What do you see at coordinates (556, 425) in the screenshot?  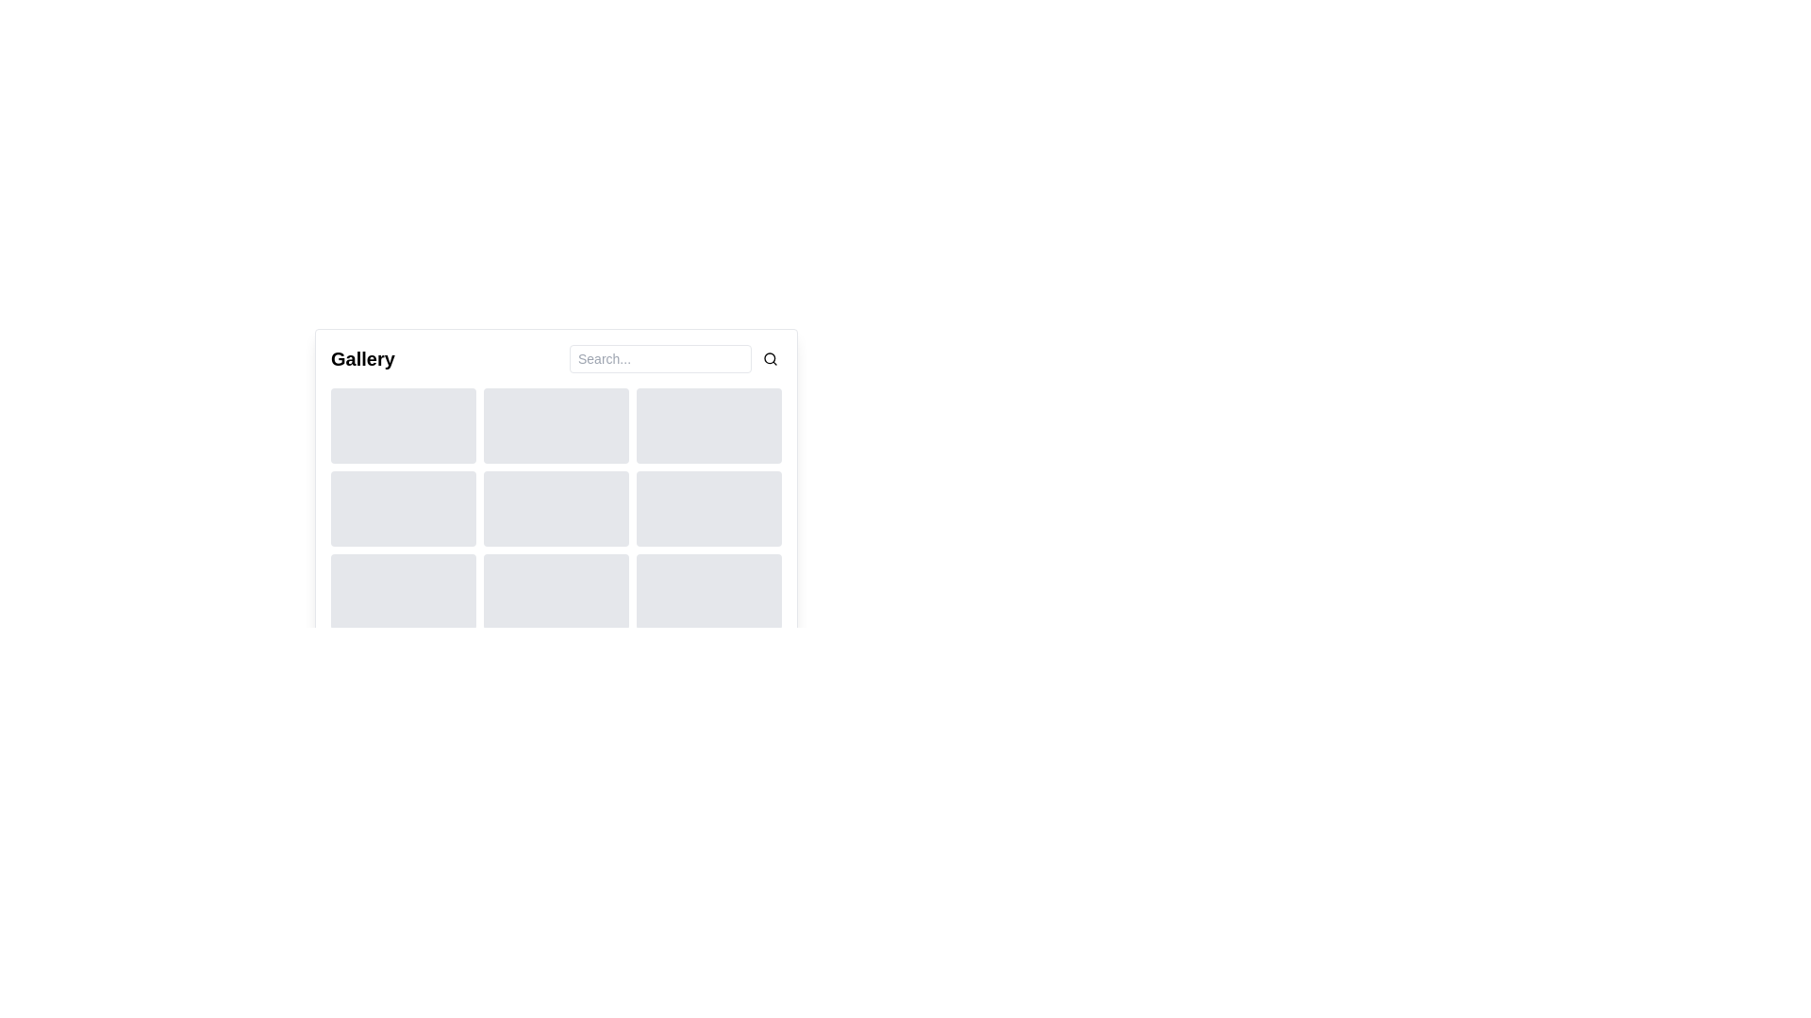 I see `the Placeholder box visually, which is a rectangular section with a light gray background` at bounding box center [556, 425].